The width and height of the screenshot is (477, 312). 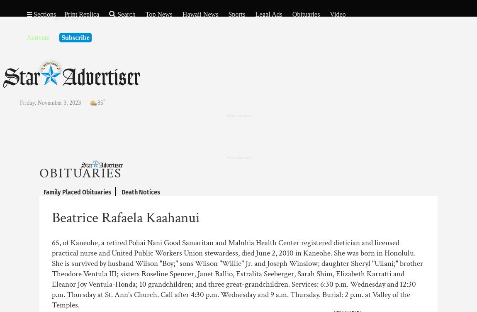 I want to click on 'Video', so click(x=337, y=14).